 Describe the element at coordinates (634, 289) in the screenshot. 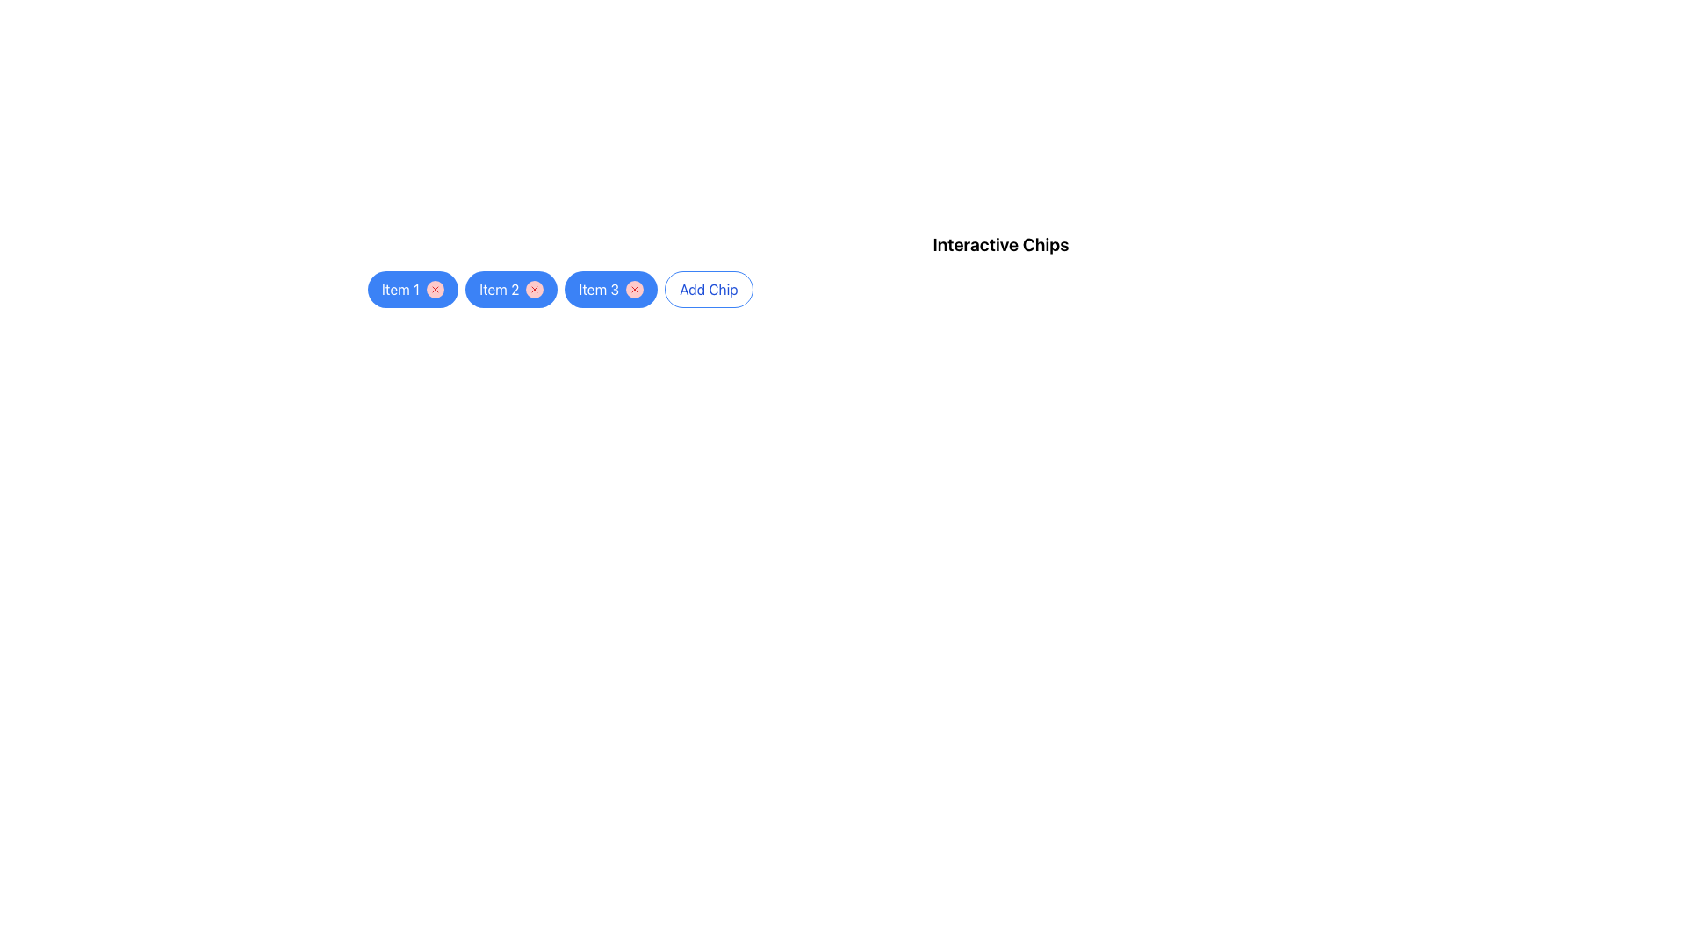

I see `the 'X' icon button, which is the third in a sequence of interactive chips labeled 'Item 1', 'Item 2', and 'Item 3'` at that location.